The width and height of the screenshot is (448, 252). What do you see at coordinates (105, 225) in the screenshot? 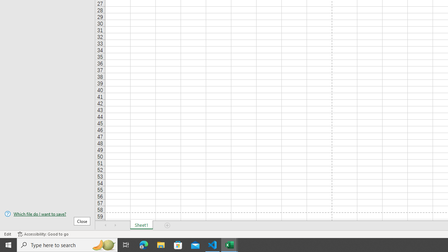
I see `'Scroll Left'` at bounding box center [105, 225].